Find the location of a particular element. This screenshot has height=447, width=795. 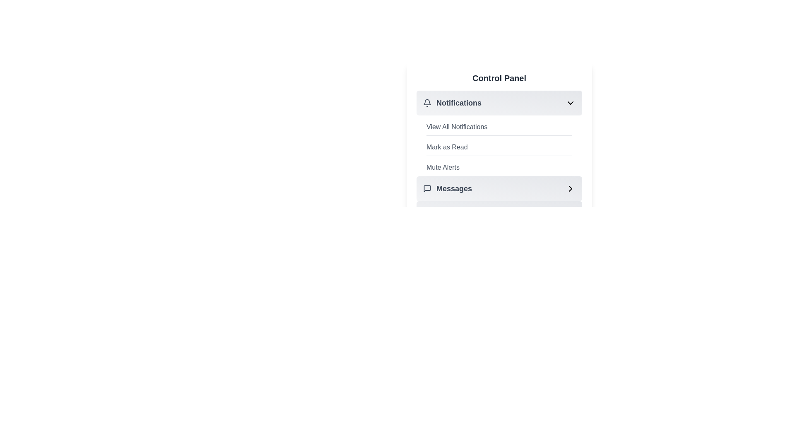

the 'Mark as Read' menu item located under the 'Notifications' section in the 'Control Panel' is located at coordinates (499, 158).